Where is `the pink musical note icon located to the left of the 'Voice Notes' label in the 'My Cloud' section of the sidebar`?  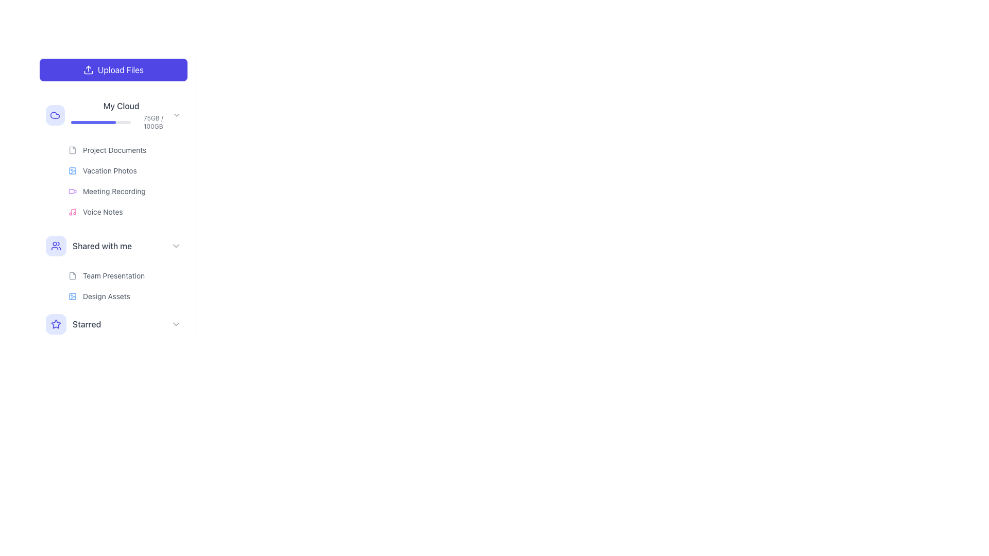 the pink musical note icon located to the left of the 'Voice Notes' label in the 'My Cloud' section of the sidebar is located at coordinates (72, 212).